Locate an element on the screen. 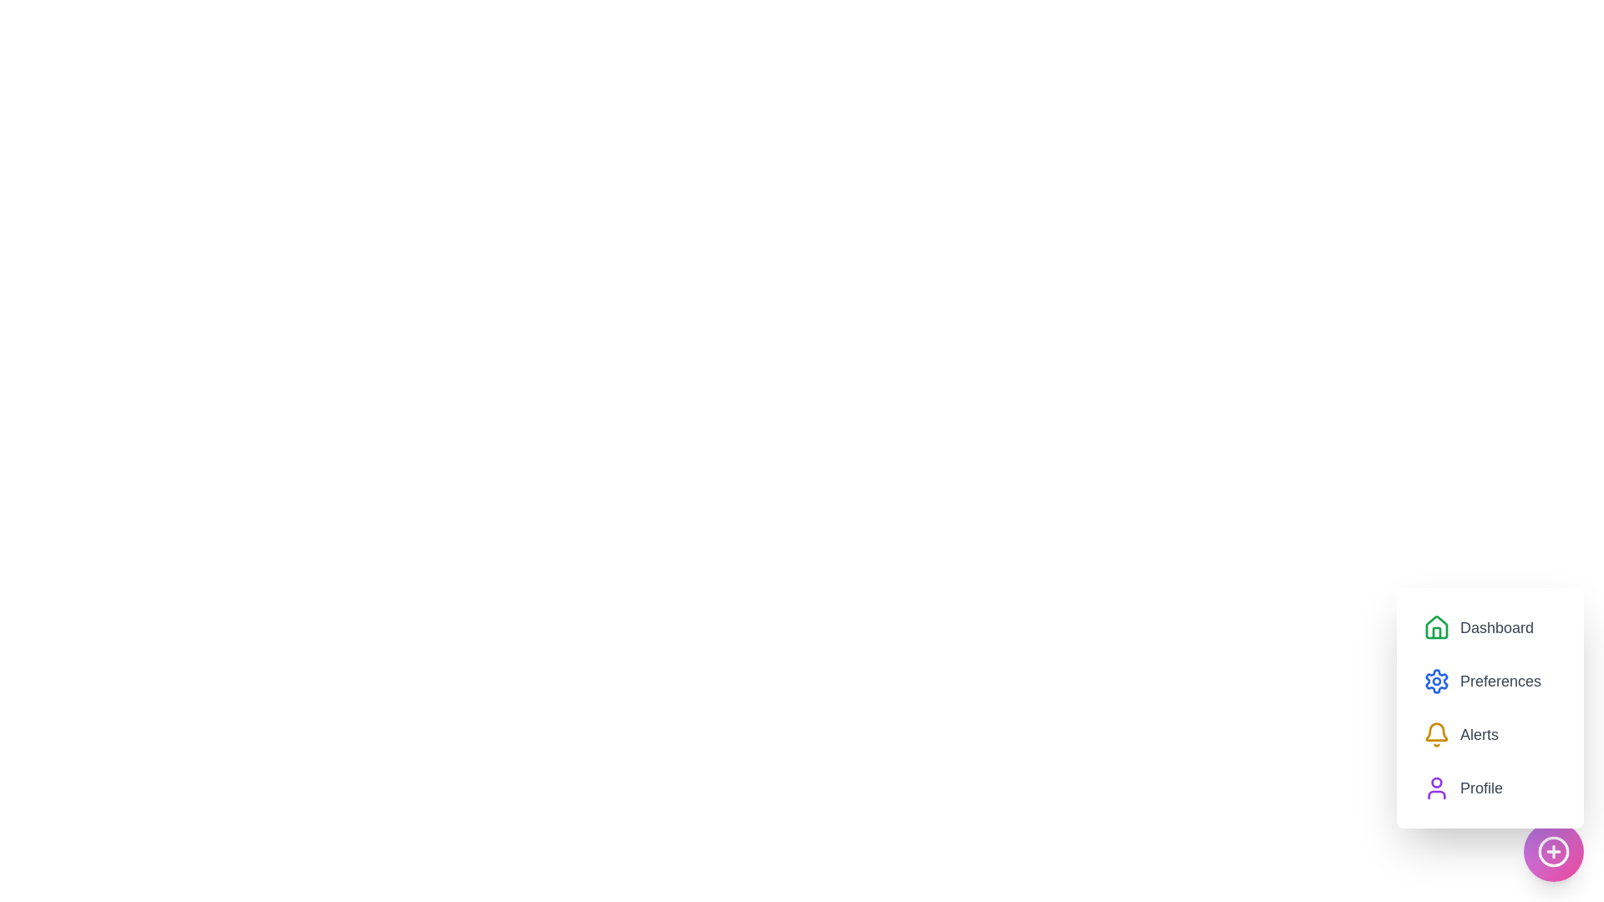 This screenshot has width=1604, height=902. the menu option Profile from the StyledSpeedDial menu is located at coordinates (1462, 788).